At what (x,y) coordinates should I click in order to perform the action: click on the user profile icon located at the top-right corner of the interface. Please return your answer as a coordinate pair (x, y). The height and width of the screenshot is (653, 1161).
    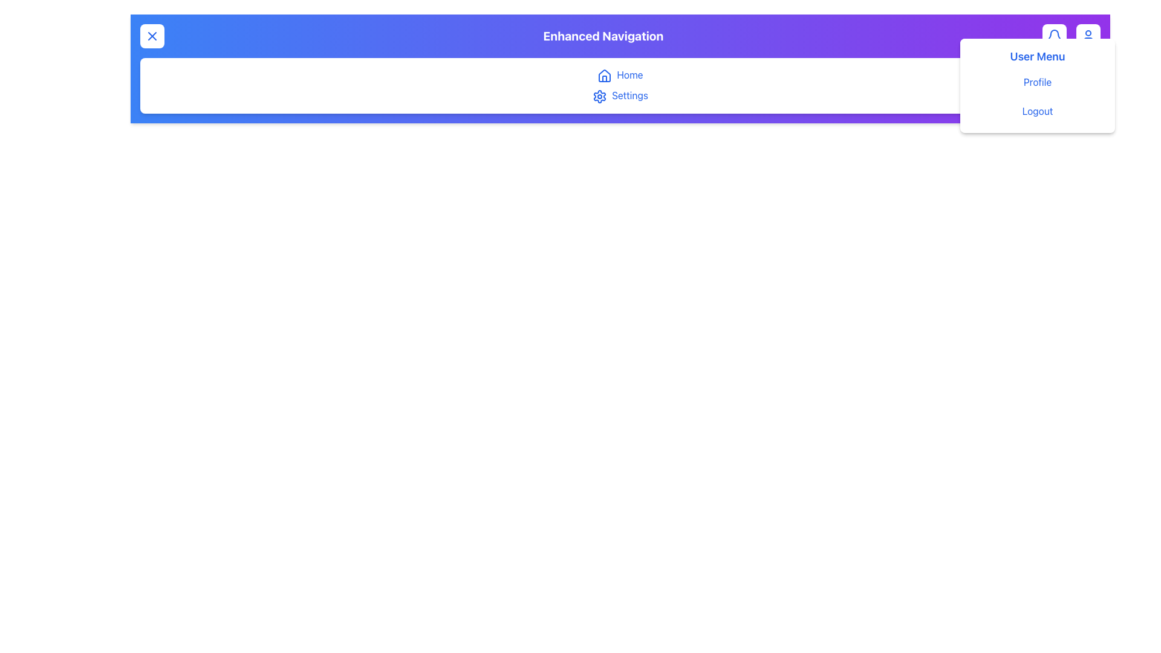
    Looking at the image, I should click on (1088, 36).